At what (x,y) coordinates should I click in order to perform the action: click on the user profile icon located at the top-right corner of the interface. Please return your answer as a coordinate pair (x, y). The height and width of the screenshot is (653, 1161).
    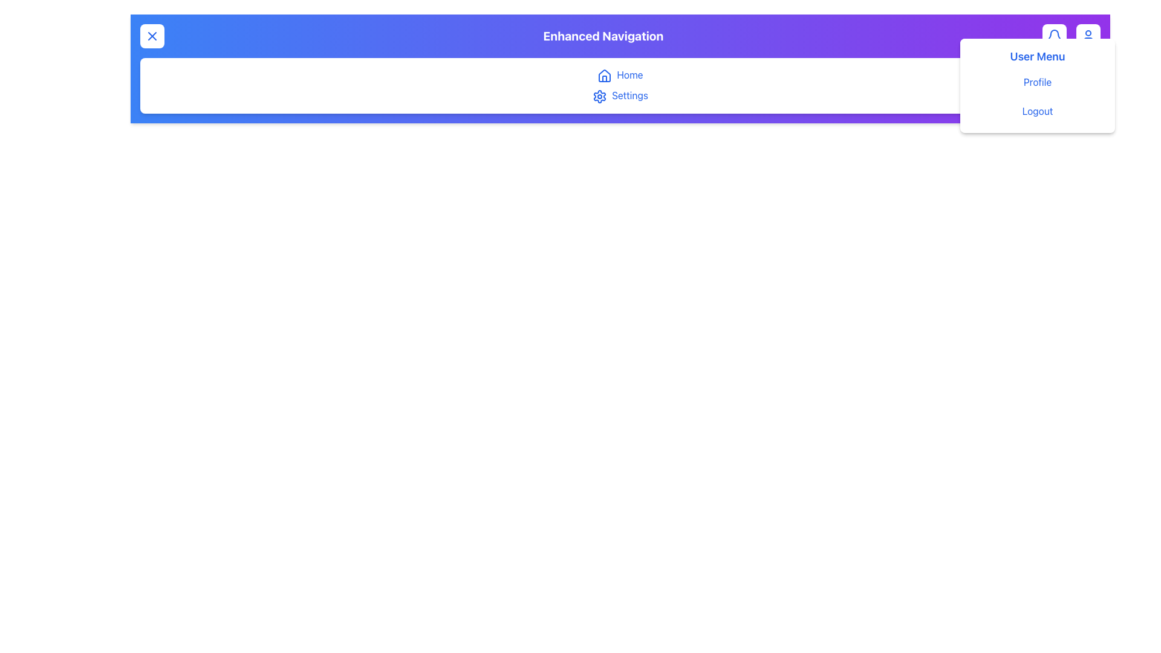
    Looking at the image, I should click on (1088, 36).